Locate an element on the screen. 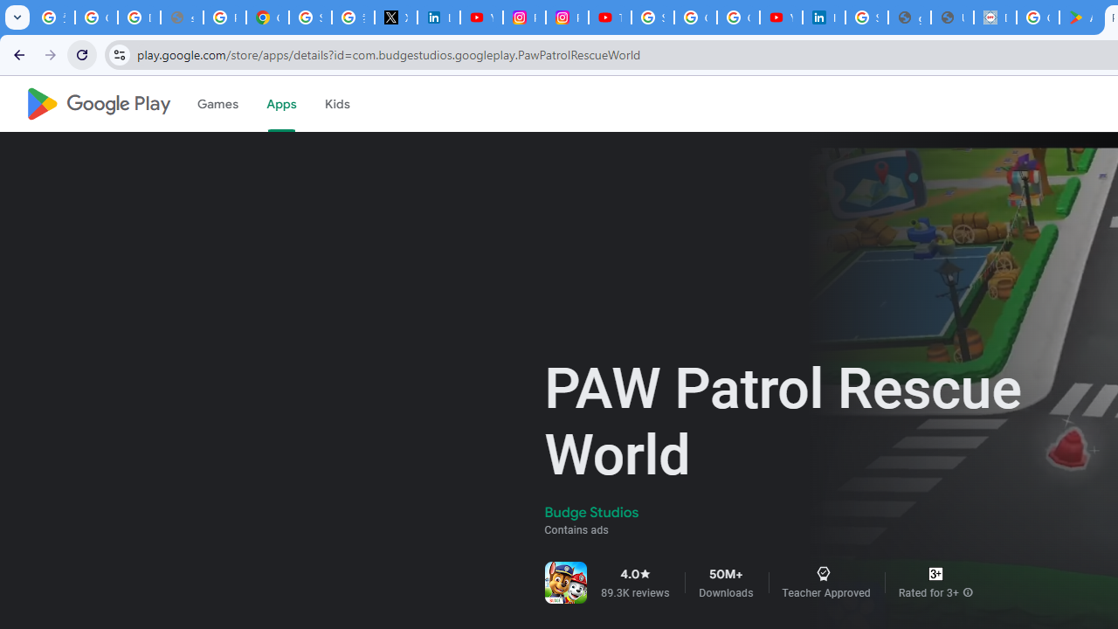 The width and height of the screenshot is (1118, 629). 'Privacy Help Center - Policies Help' is located at coordinates (224, 17).